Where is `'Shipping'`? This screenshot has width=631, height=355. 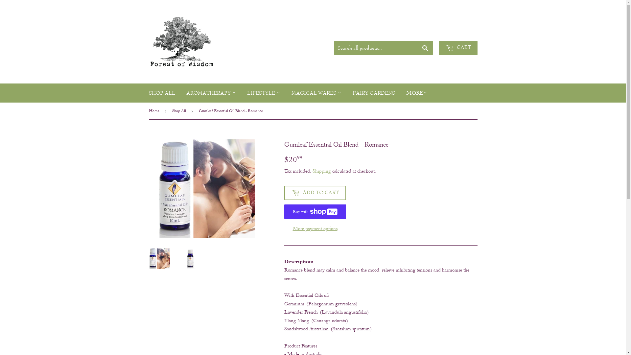 'Shipping' is located at coordinates (321, 171).